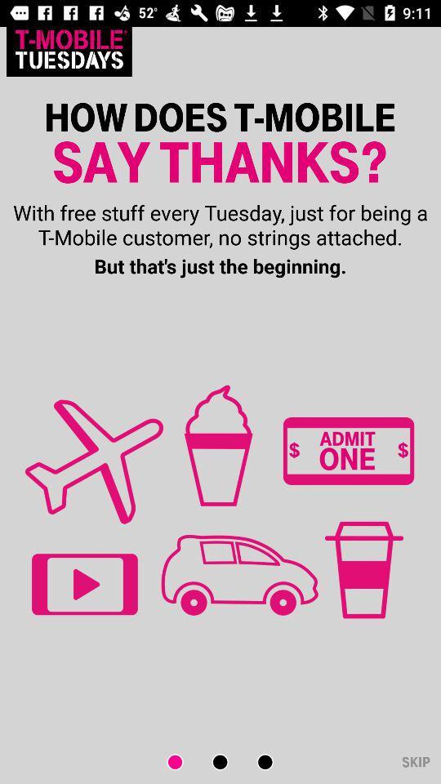 The width and height of the screenshot is (441, 784). I want to click on next scene, so click(255, 762).